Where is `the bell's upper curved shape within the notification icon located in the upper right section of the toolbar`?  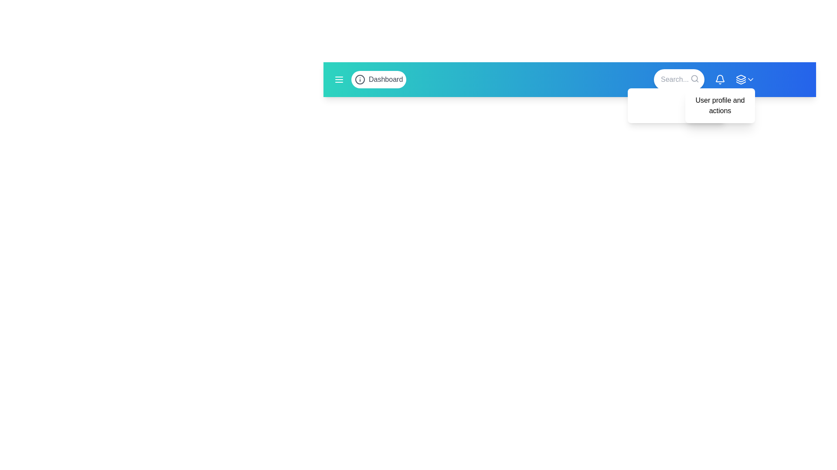 the bell's upper curved shape within the notification icon located in the upper right section of the toolbar is located at coordinates (720, 78).